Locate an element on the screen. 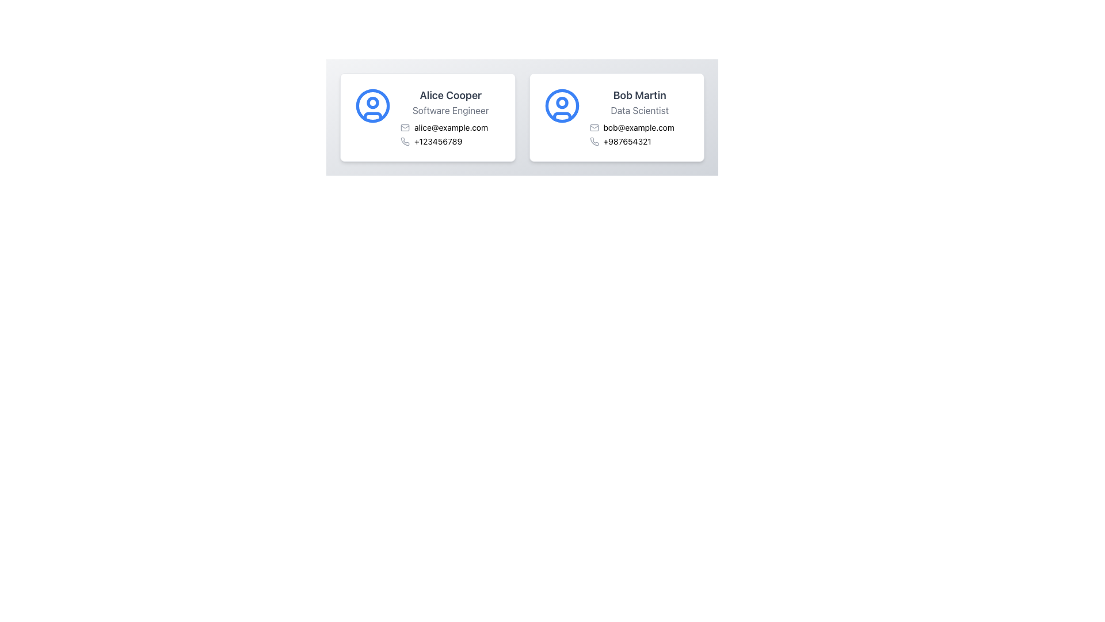 This screenshot has width=1105, height=622. the mailto hyperlink for 'alice@example.com' to underline it, which is positioned below the 'Alice Cooper' title and 'Software Engineer' subtitle is located at coordinates (451, 128).